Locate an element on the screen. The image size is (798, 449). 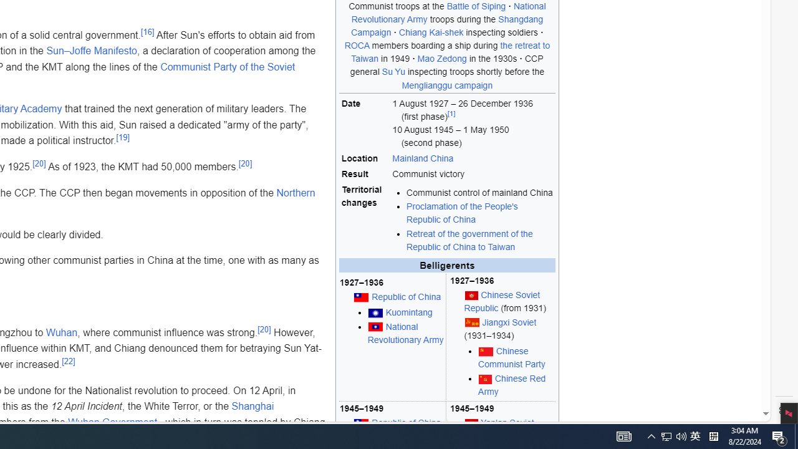
'Battle of Siping' is located at coordinates (475, 6).